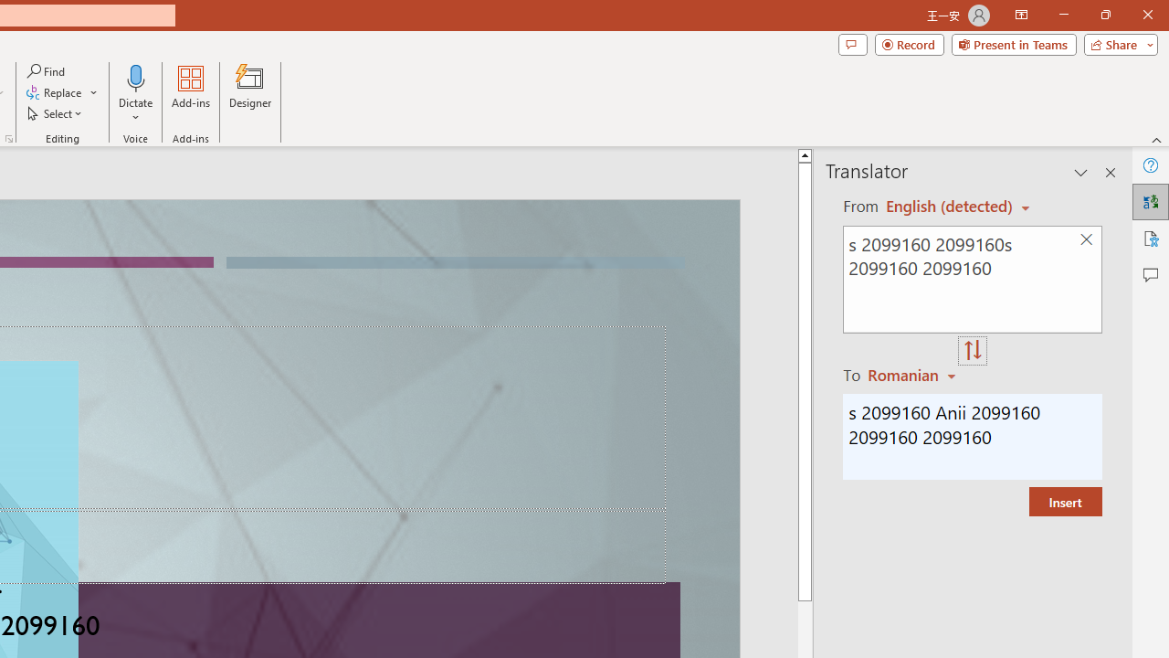  I want to click on 'Czech (detected)', so click(950, 206).